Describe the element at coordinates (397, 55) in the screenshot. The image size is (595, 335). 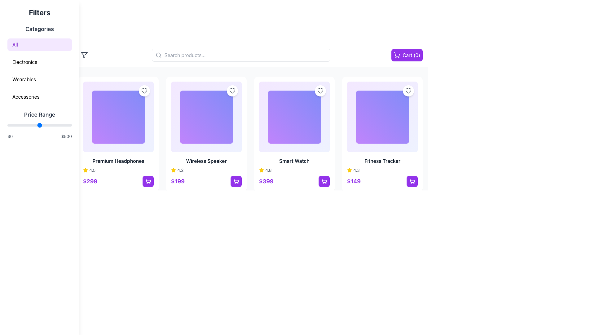
I see `the shopping cart icon` at that location.